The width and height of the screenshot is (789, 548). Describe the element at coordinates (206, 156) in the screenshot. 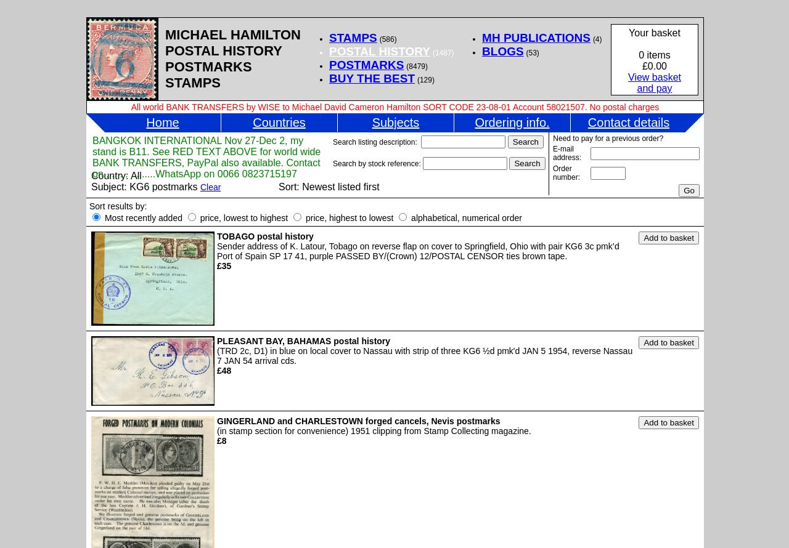

I see `'BANGKOK INTERNATIONAL Nov 27-Dec 2, my stand is B11. See RED TEXT ABOVE for world wide BANK TRANSFERS, PayPal also available.                                       Contact on......... .........WhatsApp on 0066 0823715197'` at that location.